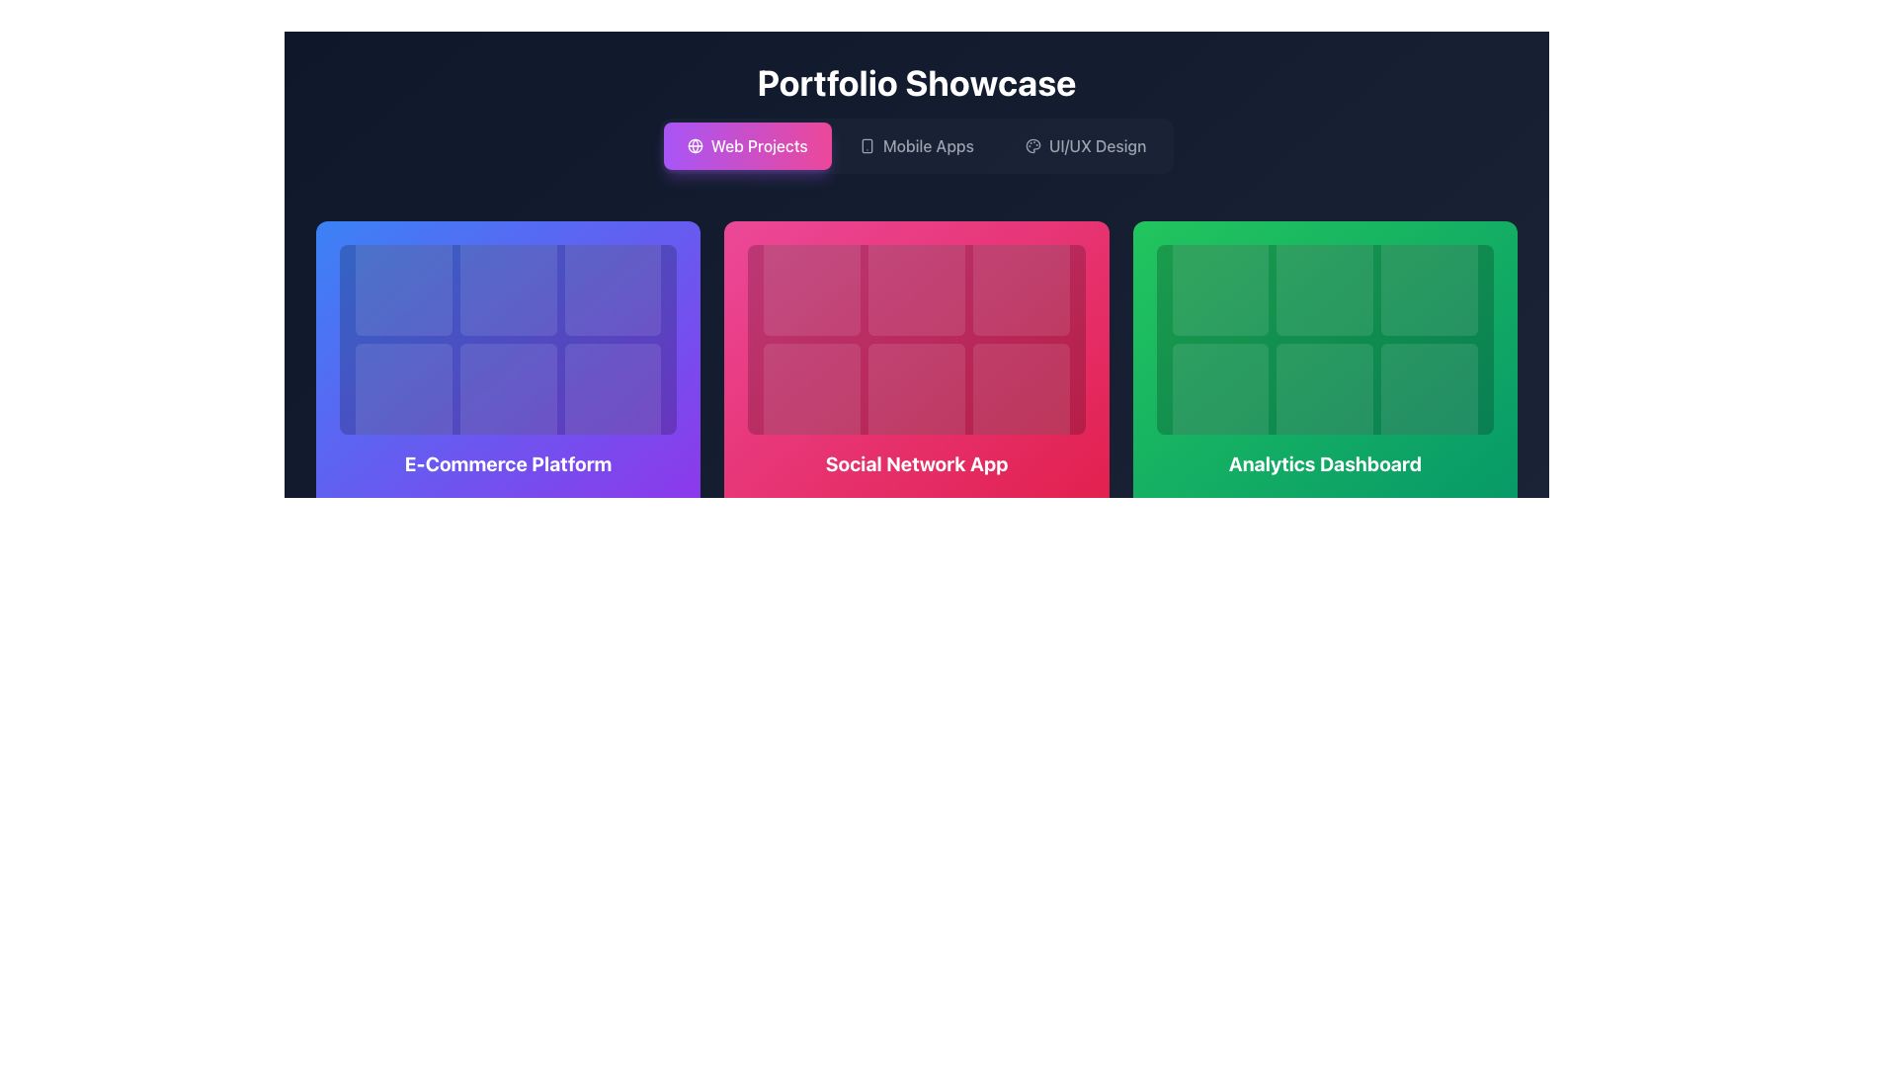 The height and width of the screenshot is (1067, 1897). I want to click on the Navigation link labeled 'UI/UX Design' which is the third item, so click(1085, 144).